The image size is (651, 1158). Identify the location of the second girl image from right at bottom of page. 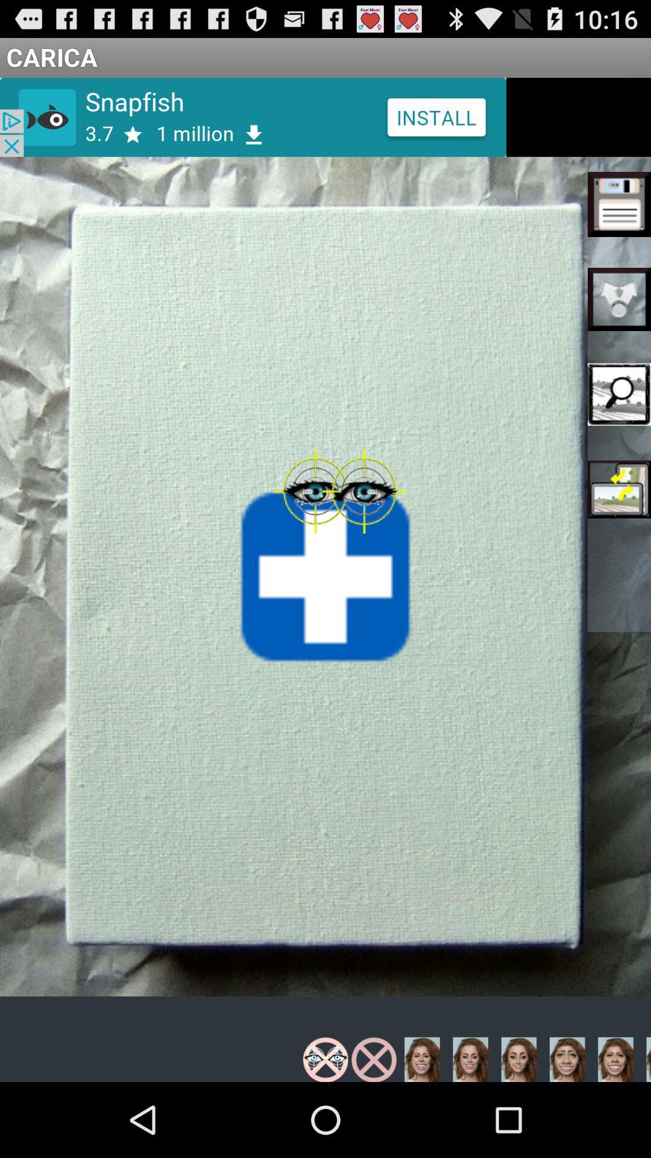
(470, 1058).